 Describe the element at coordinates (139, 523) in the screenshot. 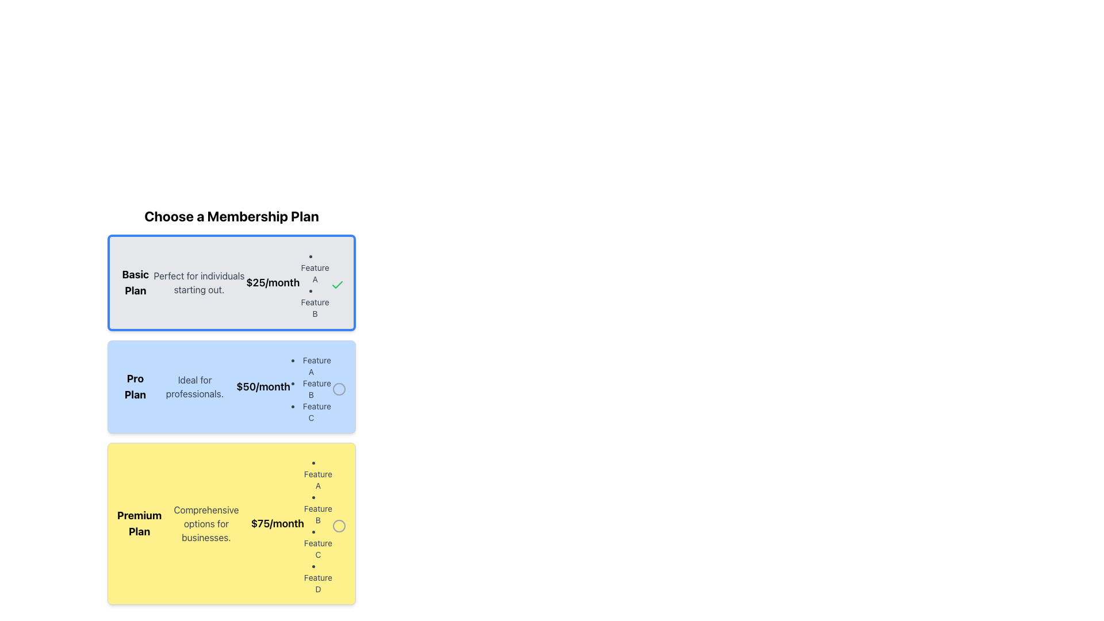

I see `the bold text label displaying 'Premium Plan' located at the top-left corner of the yellow box indicating a membership plan` at that location.